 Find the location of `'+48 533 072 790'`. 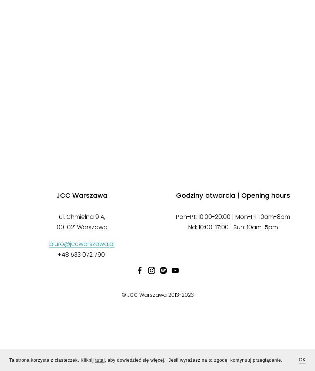

'+48 533 072 790' is located at coordinates (82, 254).